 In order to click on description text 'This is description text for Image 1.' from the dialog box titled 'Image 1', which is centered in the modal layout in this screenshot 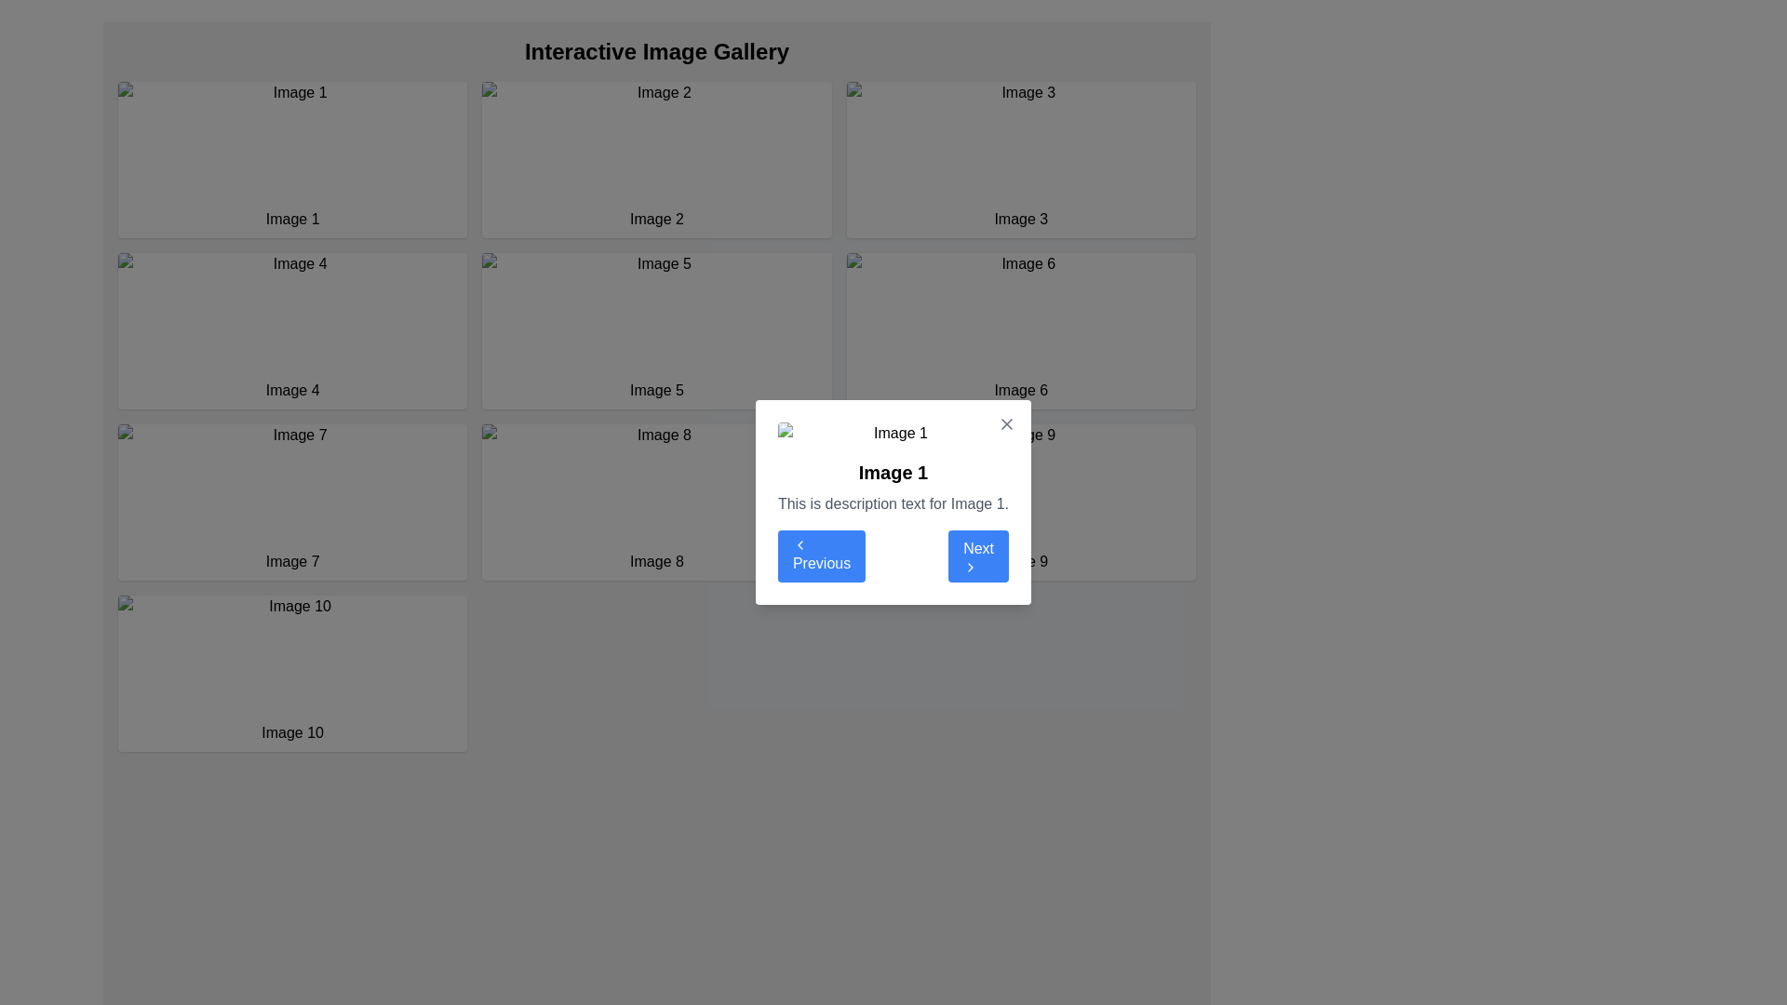, I will do `click(893, 502)`.